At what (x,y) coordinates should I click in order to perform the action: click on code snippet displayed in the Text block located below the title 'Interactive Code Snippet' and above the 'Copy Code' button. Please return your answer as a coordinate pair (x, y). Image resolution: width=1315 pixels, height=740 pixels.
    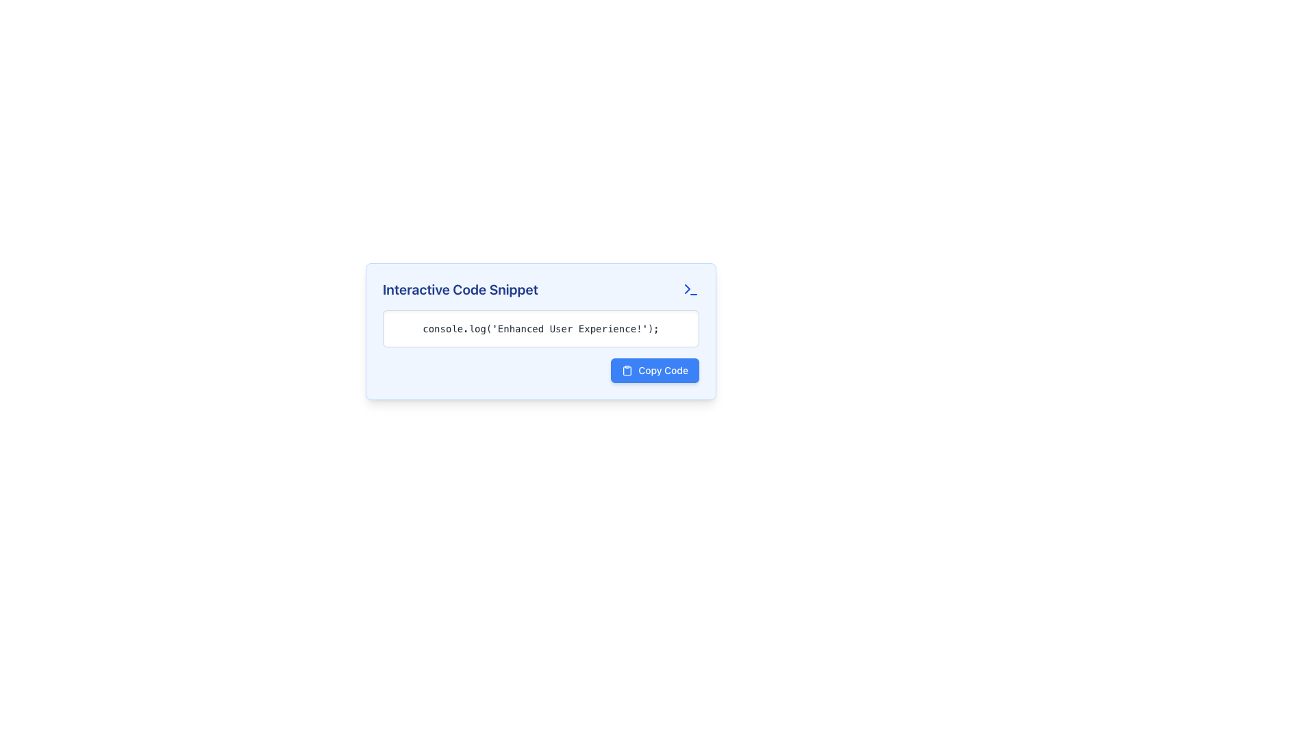
    Looking at the image, I should click on (540, 328).